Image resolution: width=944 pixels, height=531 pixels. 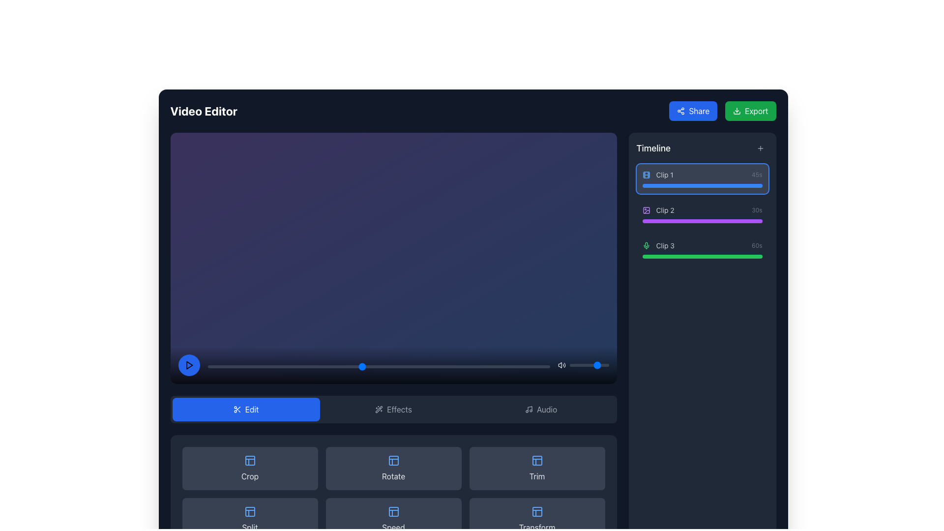 I want to click on the blue film strip icon located in the sidebar within the 'Clip 1' section of the timeline, positioned to the left of the clip's label text, so click(x=646, y=174).